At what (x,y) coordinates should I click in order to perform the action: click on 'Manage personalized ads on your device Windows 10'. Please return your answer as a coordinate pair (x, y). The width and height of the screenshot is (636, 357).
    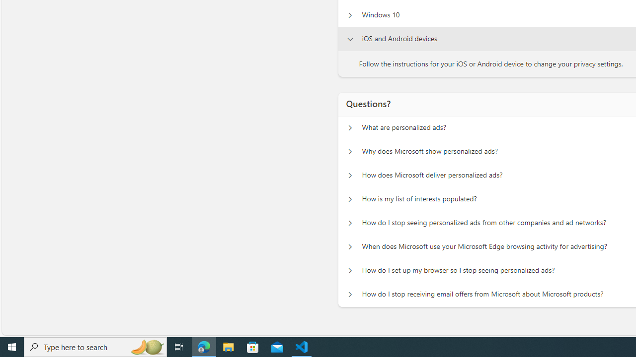
    Looking at the image, I should click on (350, 15).